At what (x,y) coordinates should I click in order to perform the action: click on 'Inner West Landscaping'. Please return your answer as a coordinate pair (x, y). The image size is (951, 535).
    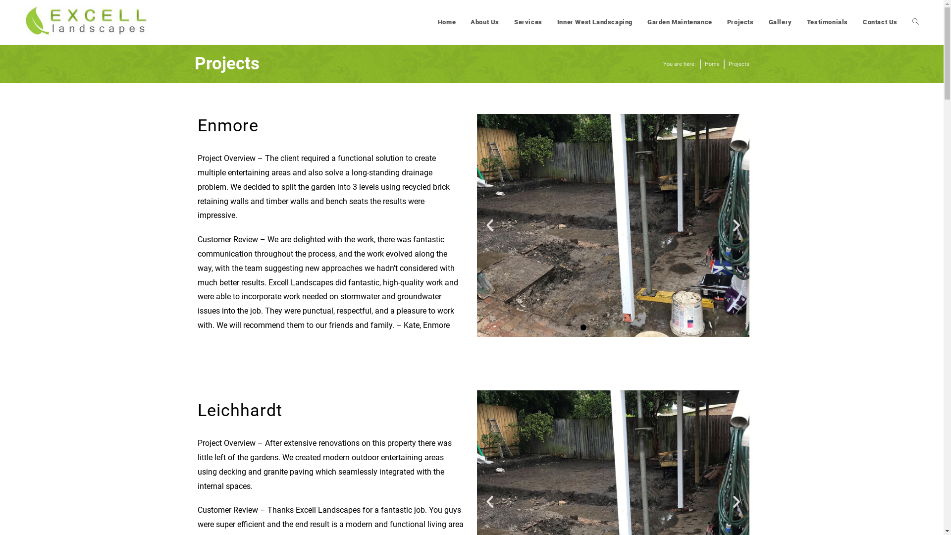
    Looking at the image, I should click on (594, 22).